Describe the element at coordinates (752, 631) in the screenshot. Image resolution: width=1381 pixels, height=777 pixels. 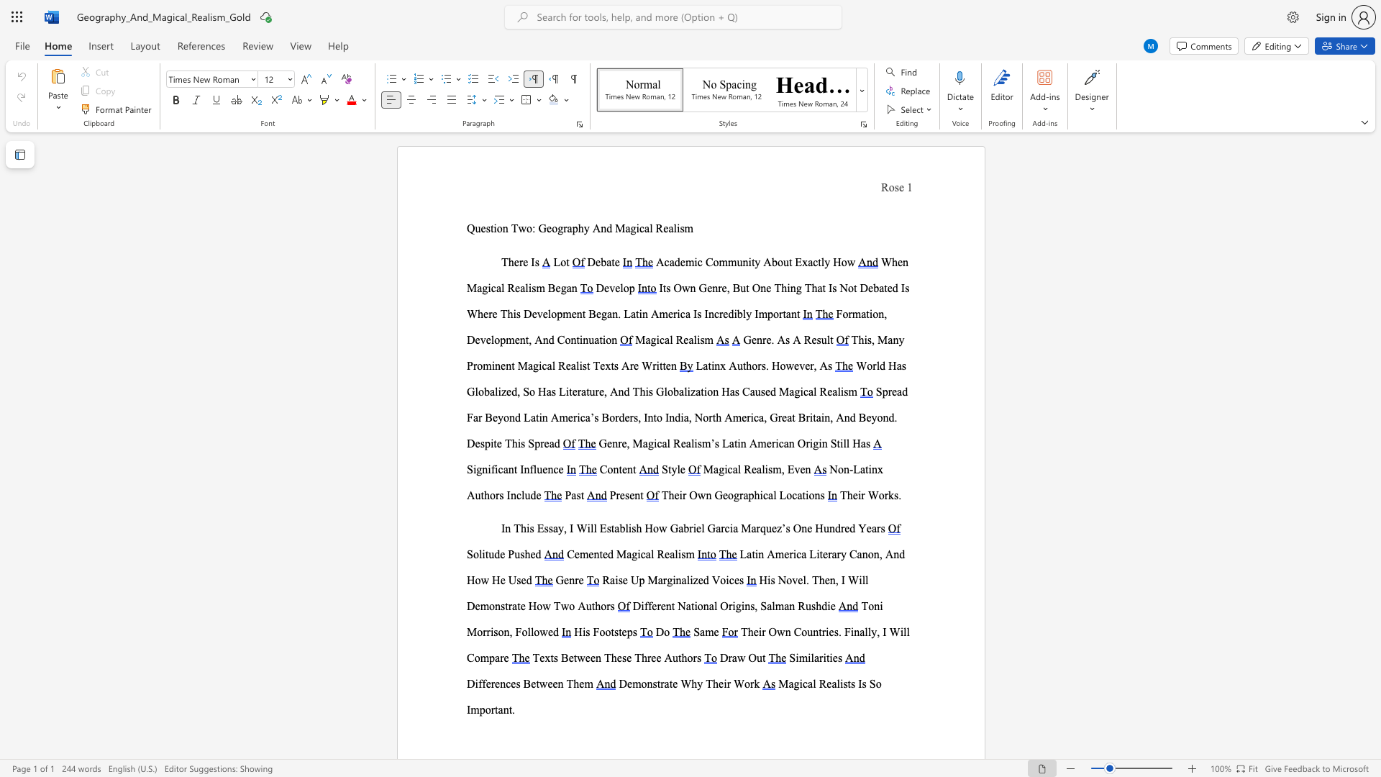
I see `the subset text "eir Own Countries. Finally, I Will Com" within the text "Their Own Countries. Finally, I Will Compare"` at that location.